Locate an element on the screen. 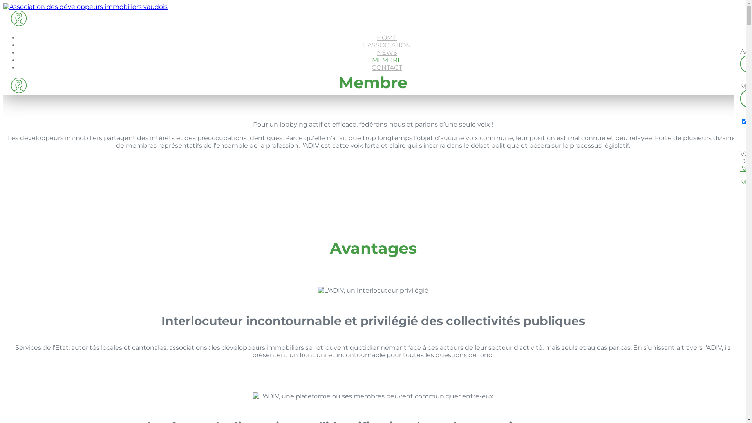 This screenshot has height=423, width=752. 'MEMBRE' is located at coordinates (387, 60).